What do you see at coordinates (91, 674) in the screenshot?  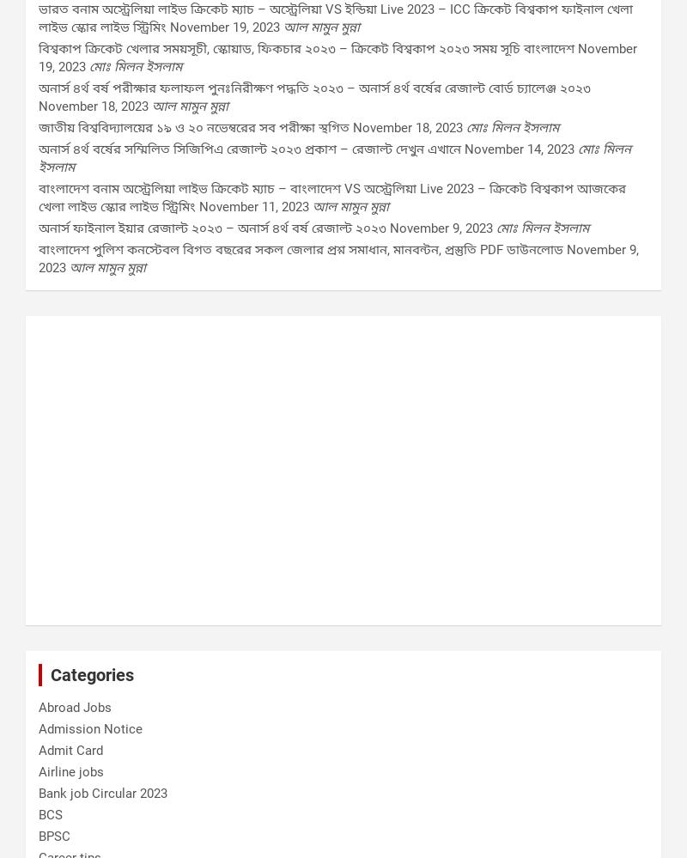 I see `'Categories'` at bounding box center [91, 674].